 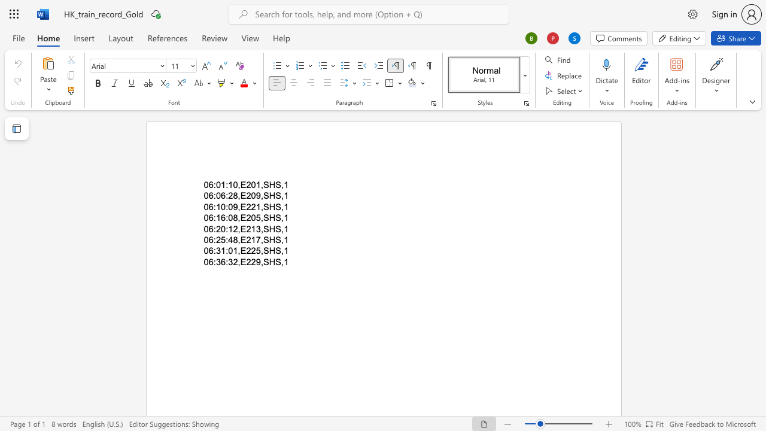 I want to click on the space between the continuous character "1" and "6" in the text, so click(x=221, y=218).